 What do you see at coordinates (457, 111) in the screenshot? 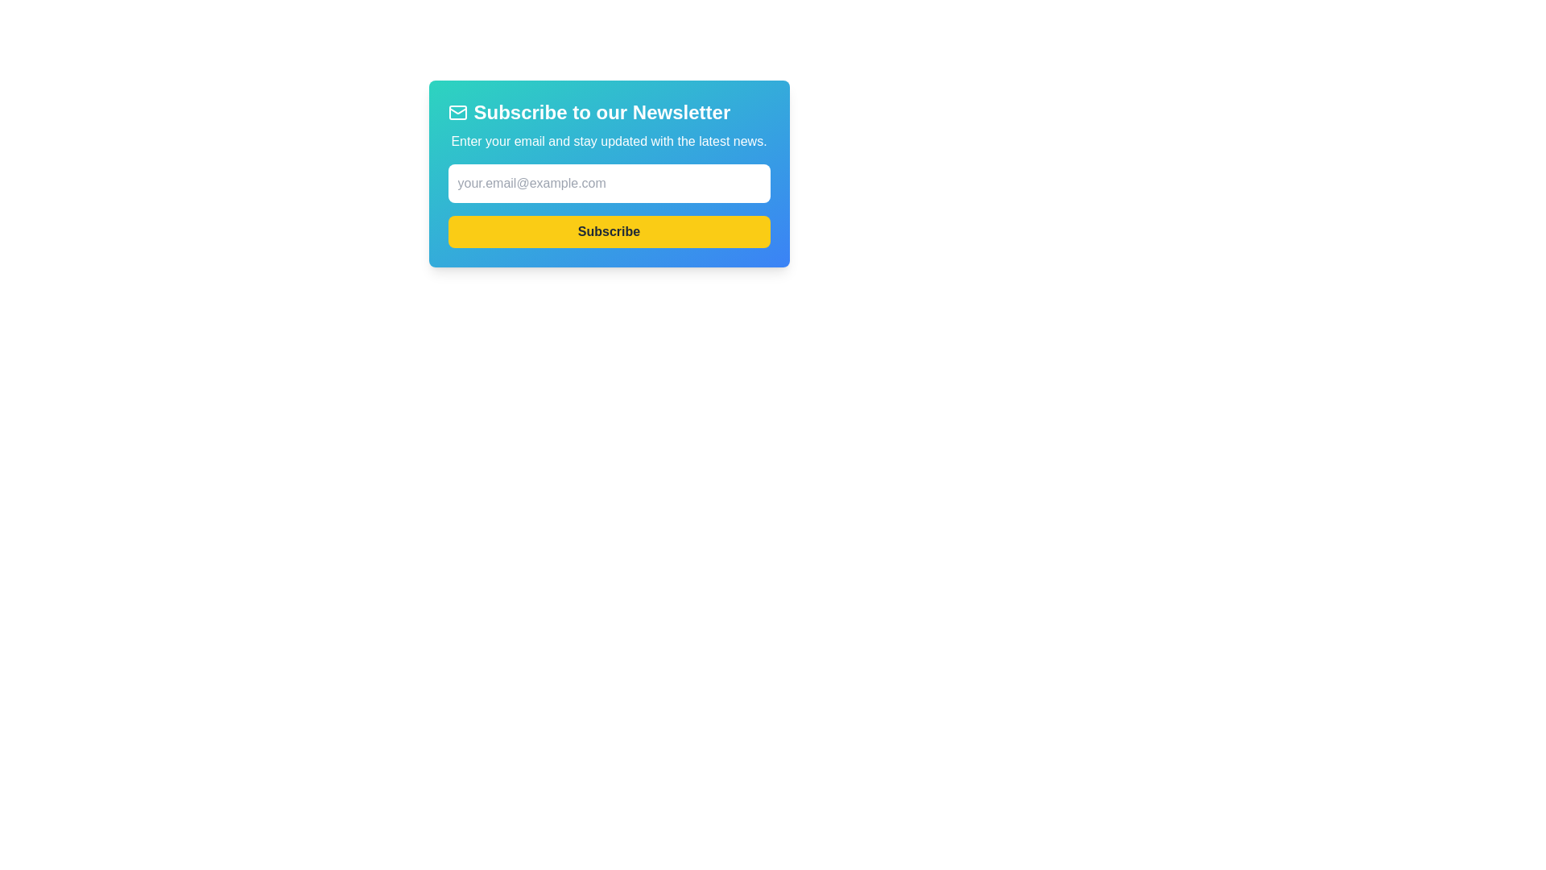
I see `the main body rectangle of the envelope graphic in the mail icon at the top-left corner of the subscription card` at bounding box center [457, 111].